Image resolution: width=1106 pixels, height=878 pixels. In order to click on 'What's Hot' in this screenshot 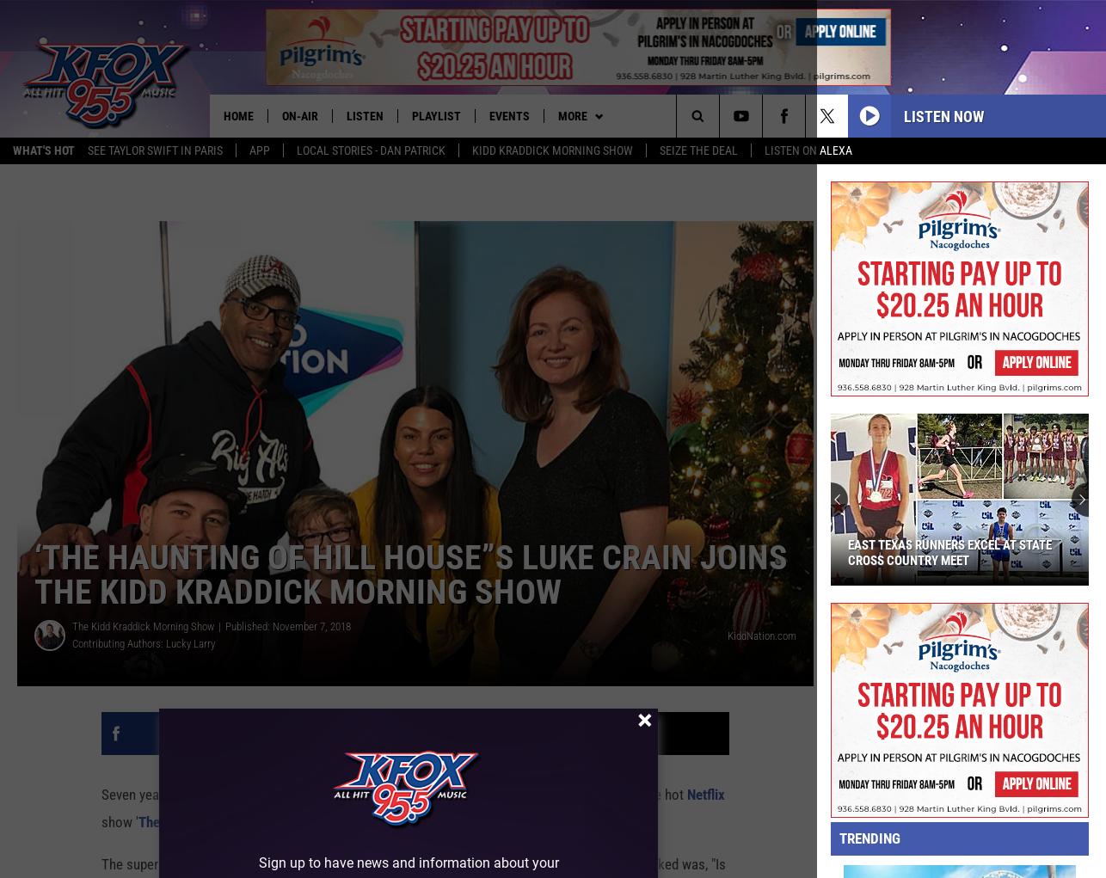, I will do `click(44, 150)`.